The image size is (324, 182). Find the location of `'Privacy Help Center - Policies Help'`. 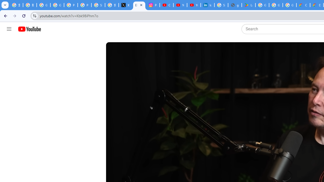

'Privacy Help Center - Policies Help' is located at coordinates (71, 5).